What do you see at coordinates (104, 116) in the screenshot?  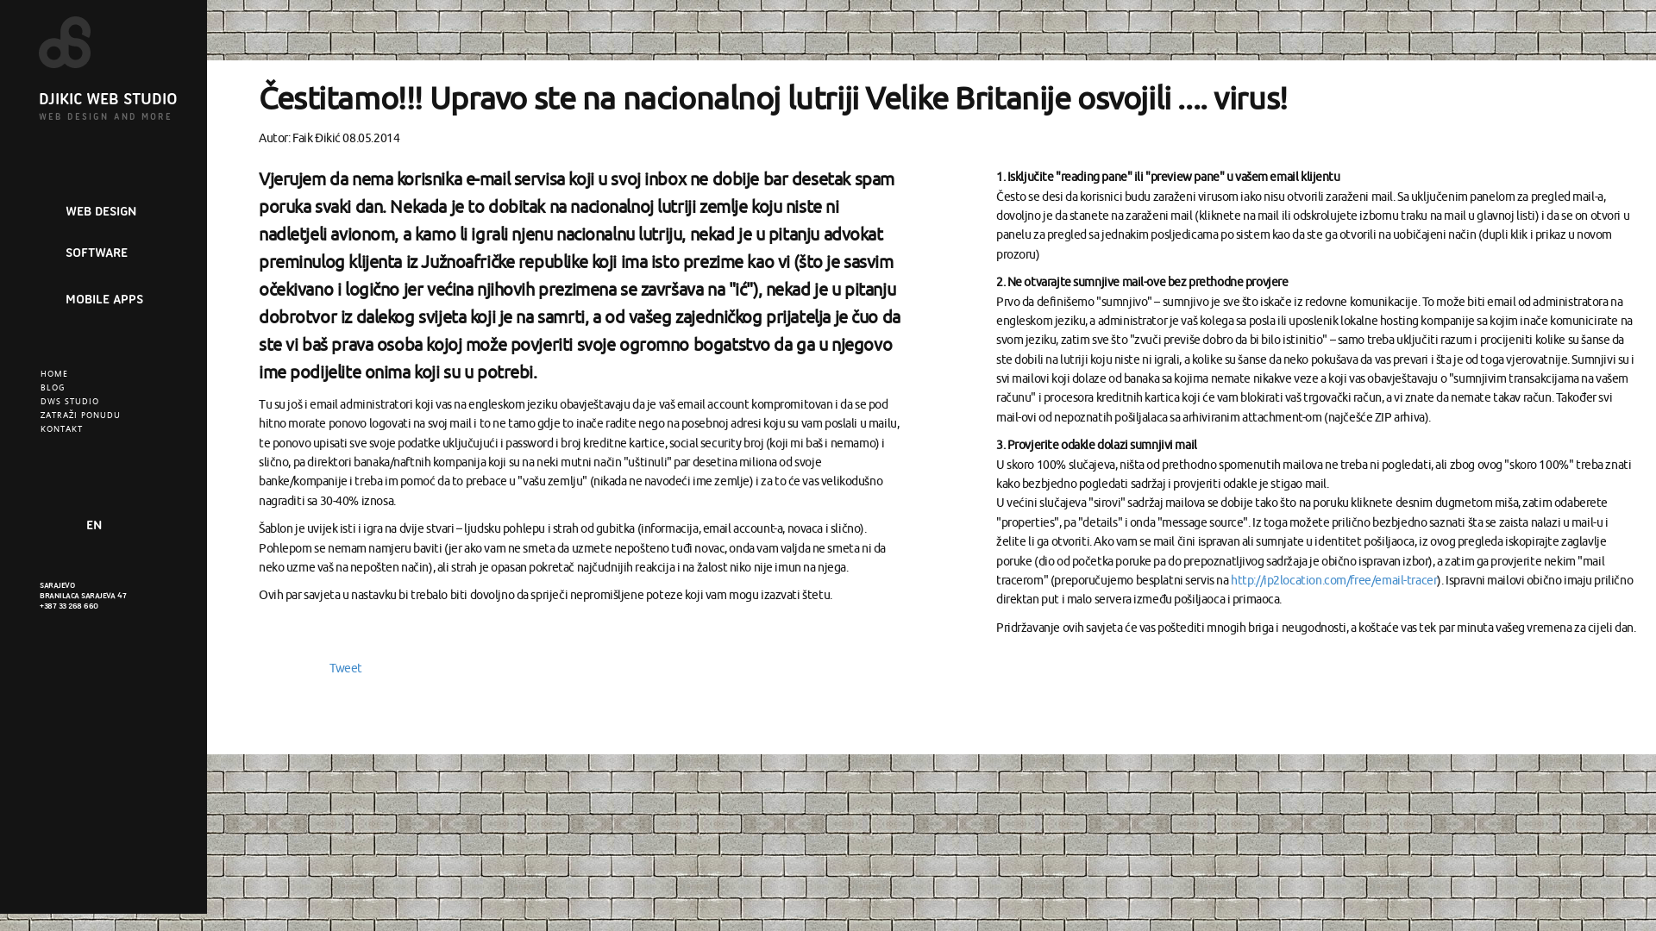 I see `'WEB DESIGN AND MORE'` at bounding box center [104, 116].